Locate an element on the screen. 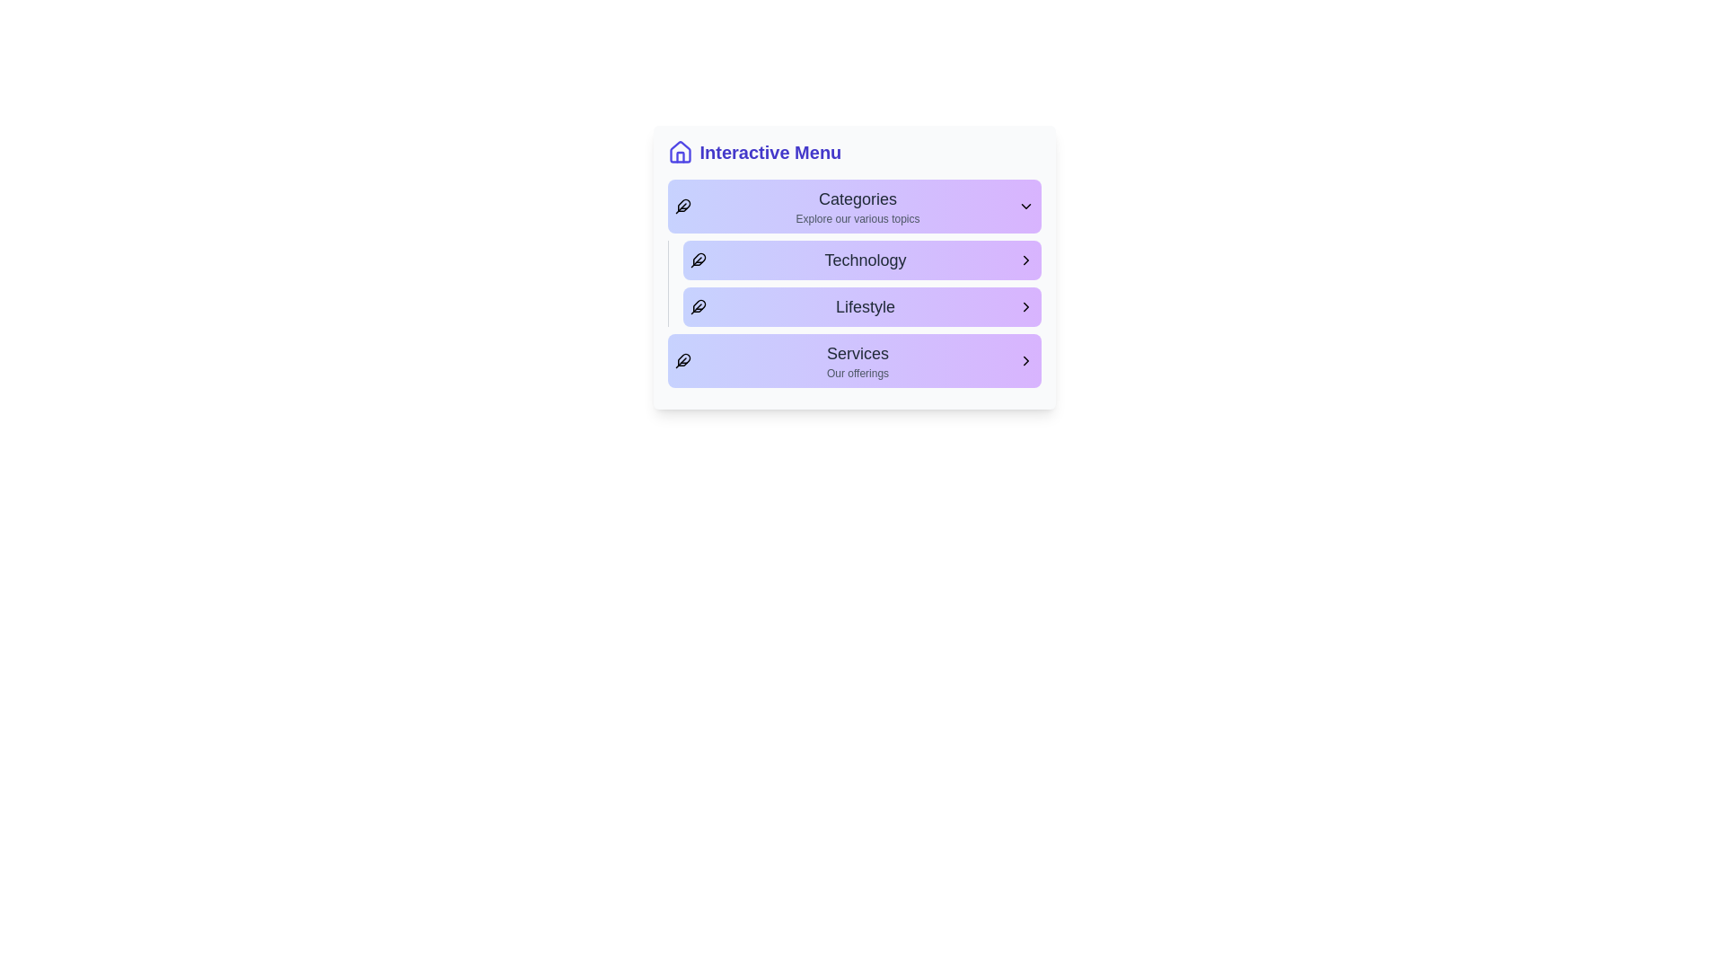 This screenshot has width=1724, height=970. the 'Technology' text label, which signifies the 'Technology' section in the vertical menu list, positioned between 'Categories' and 'Lifestyle' is located at coordinates (866, 260).